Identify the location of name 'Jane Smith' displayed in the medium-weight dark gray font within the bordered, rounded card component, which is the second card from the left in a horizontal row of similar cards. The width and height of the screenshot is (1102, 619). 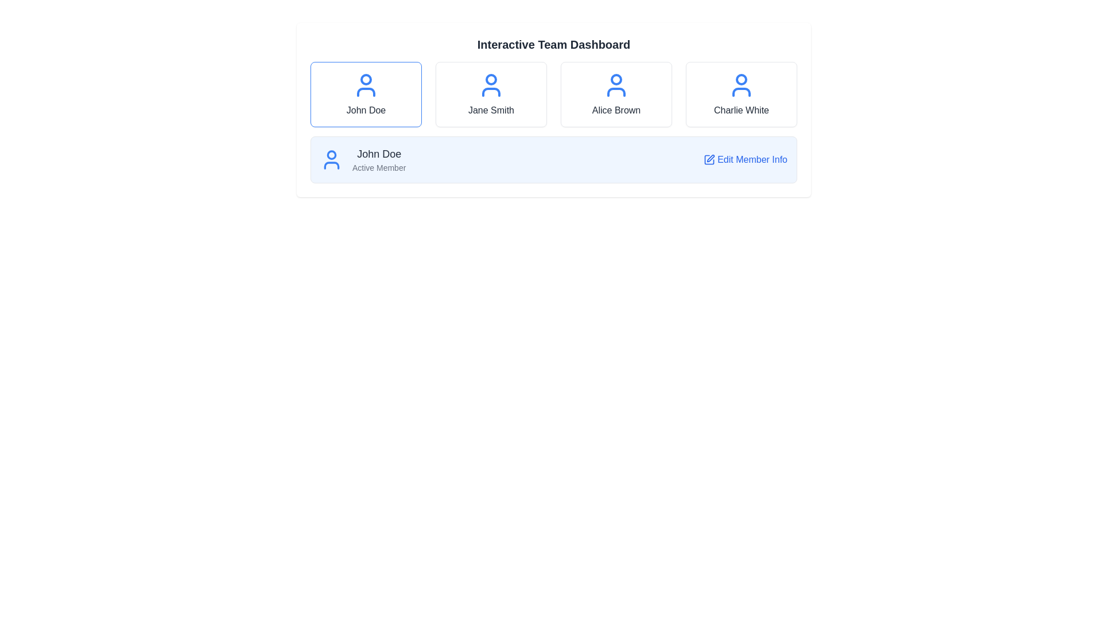
(491, 110).